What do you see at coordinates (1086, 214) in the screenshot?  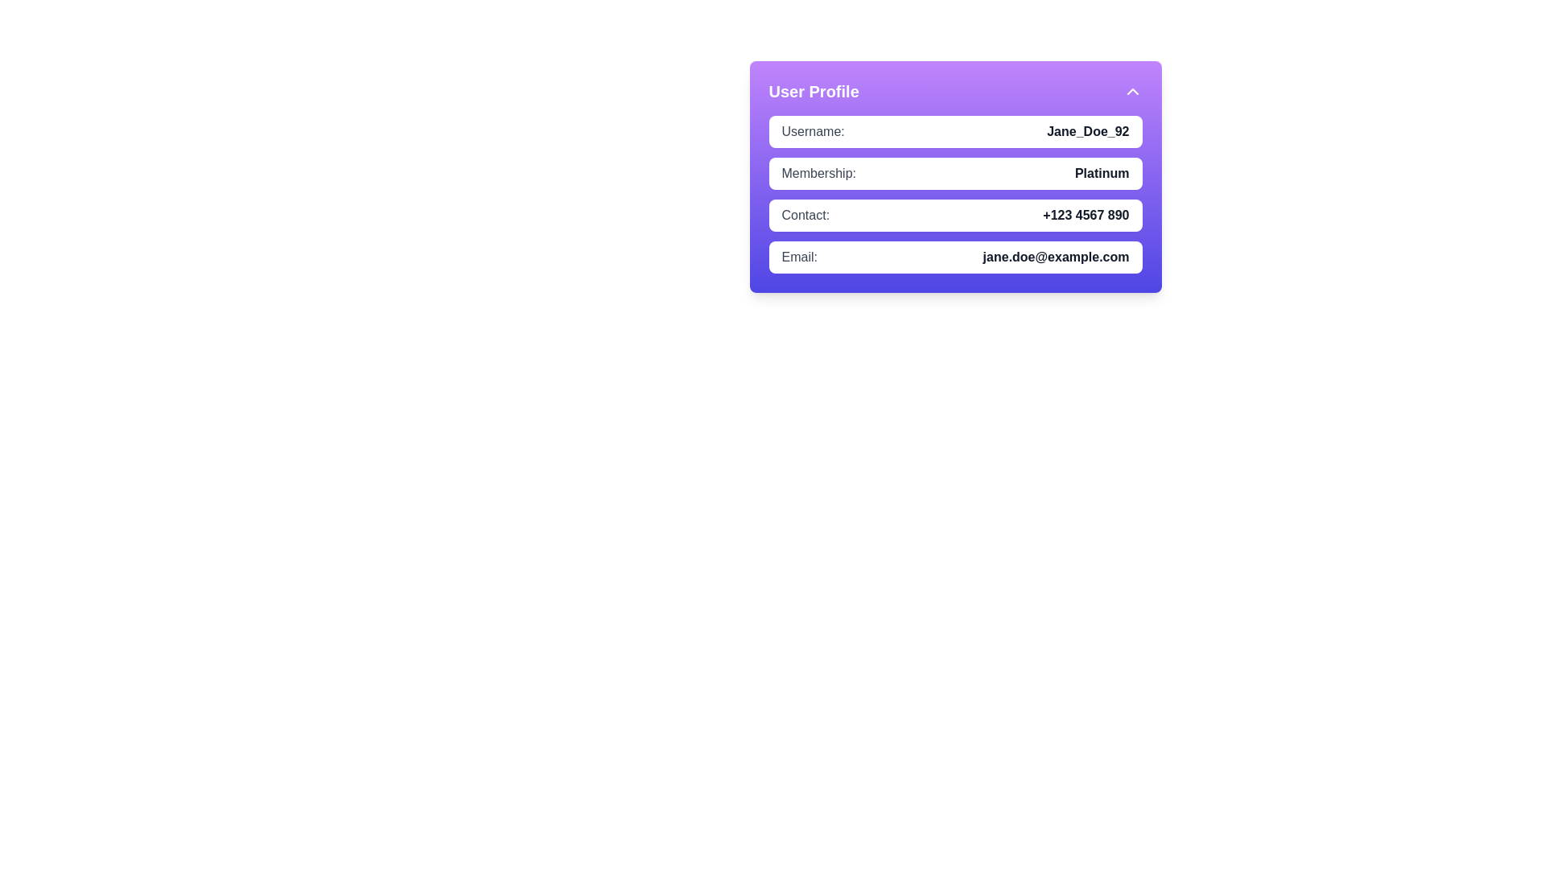 I see `the bold text label reading '+123 4567 890' that is styled with a darker gray hue and is located in the 'Contact' line of a user profile card` at bounding box center [1086, 214].